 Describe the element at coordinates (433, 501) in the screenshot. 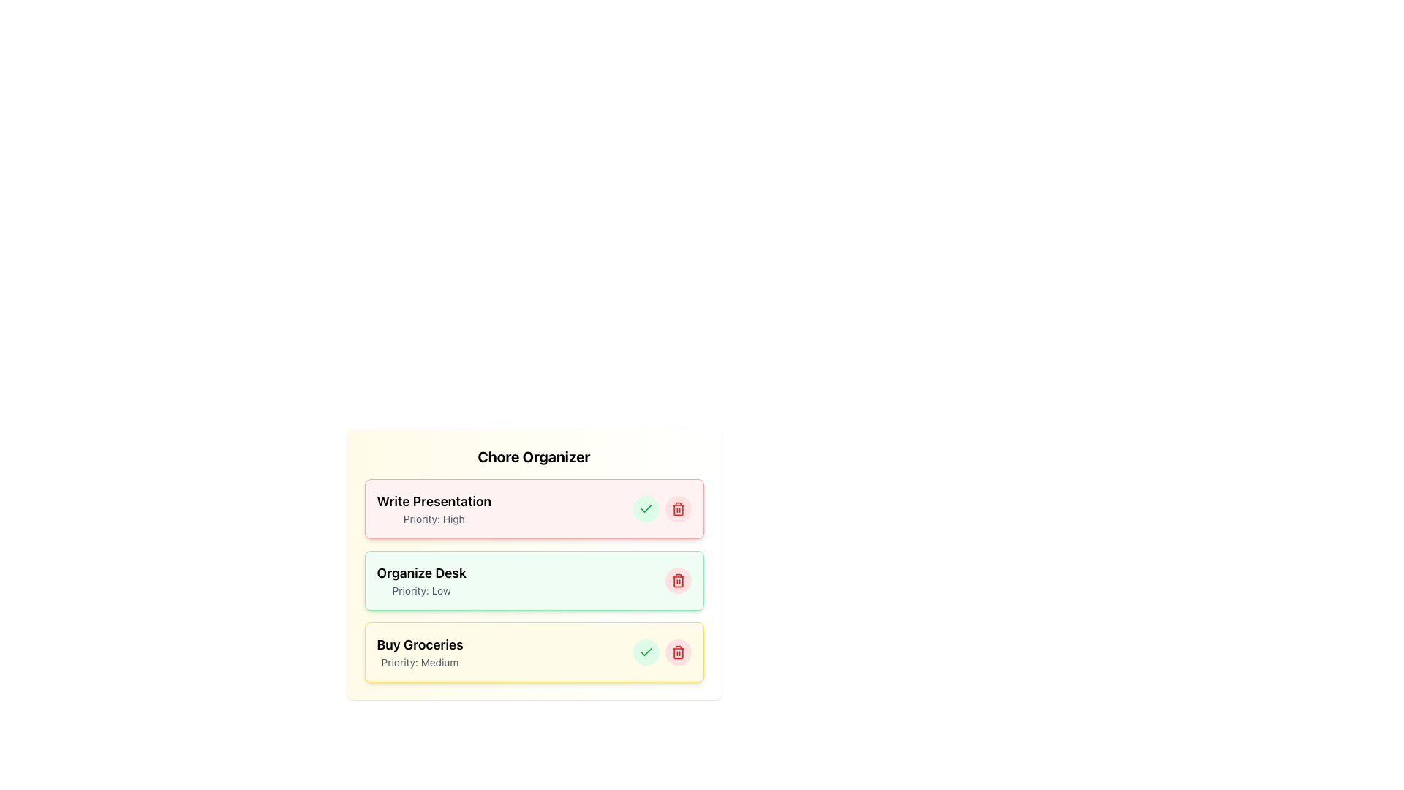

I see `the 'Write Presentation' text label located in the first task card under the 'Chore Organizer' header, which is styled in bold and larger font on a light red background` at that location.